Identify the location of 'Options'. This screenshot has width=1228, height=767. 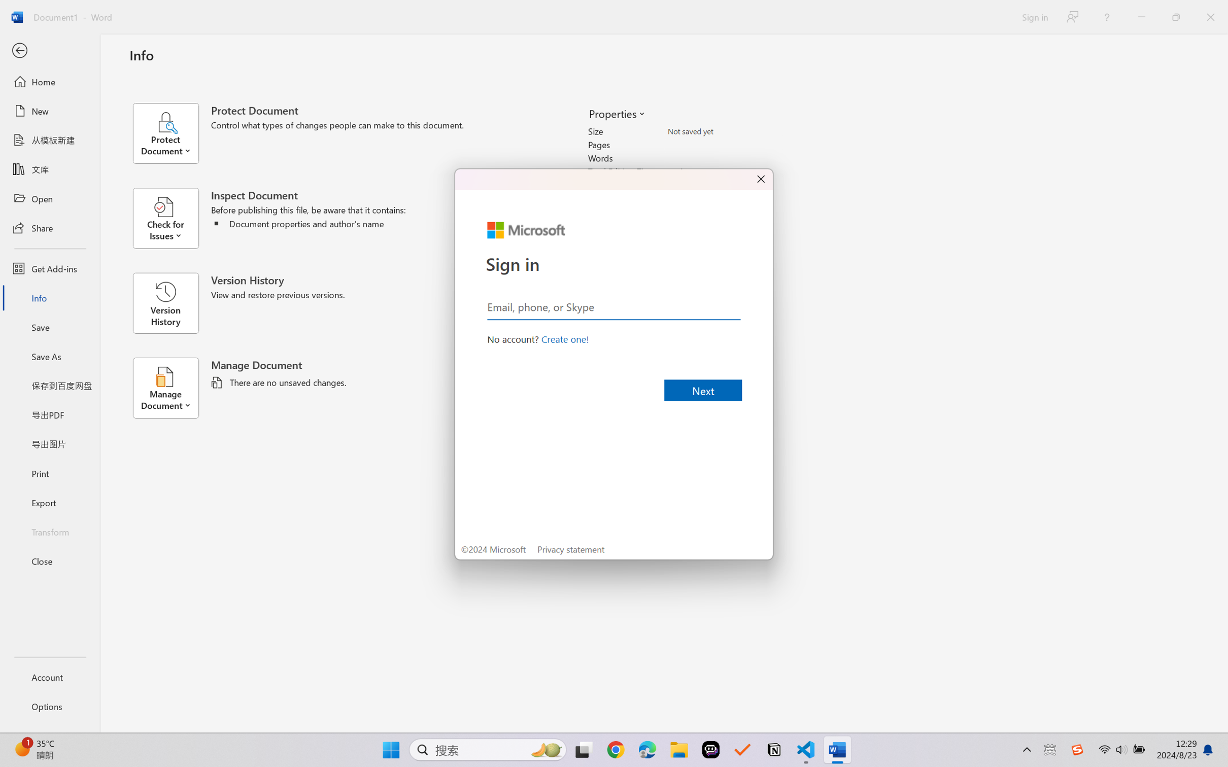
(49, 706).